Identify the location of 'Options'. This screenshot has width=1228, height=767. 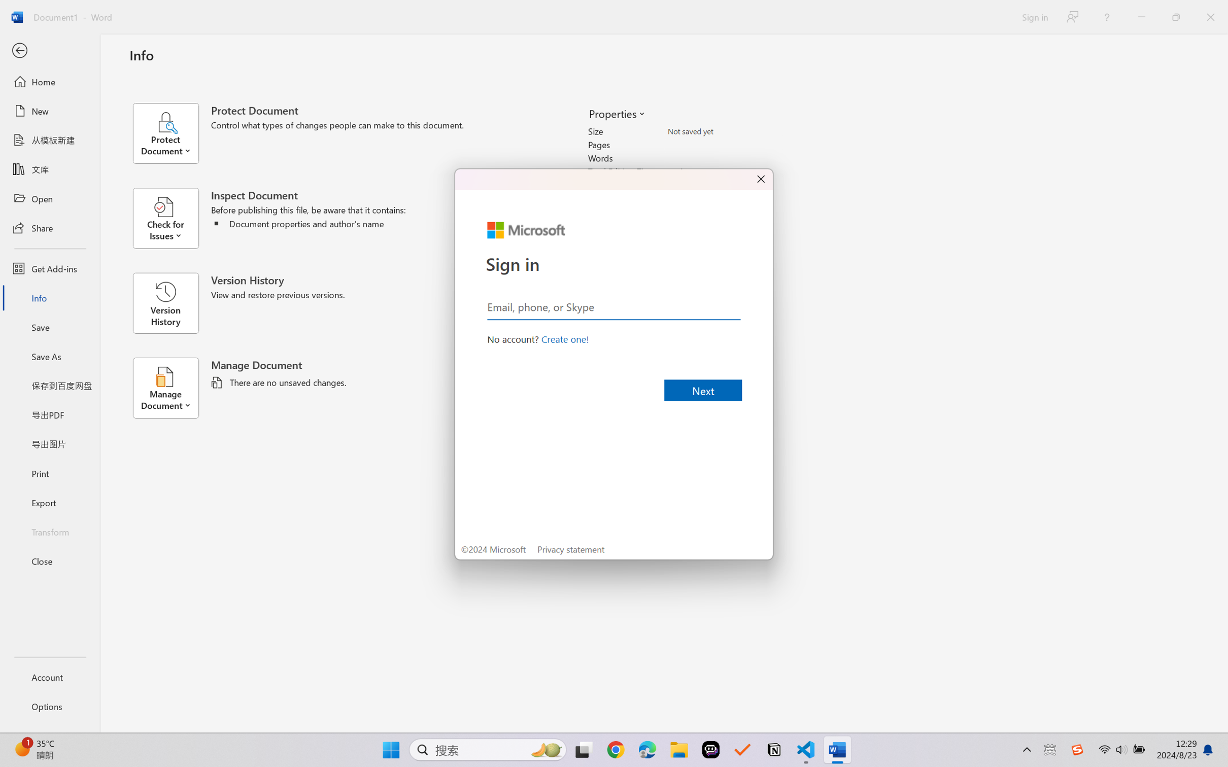
(49, 706).